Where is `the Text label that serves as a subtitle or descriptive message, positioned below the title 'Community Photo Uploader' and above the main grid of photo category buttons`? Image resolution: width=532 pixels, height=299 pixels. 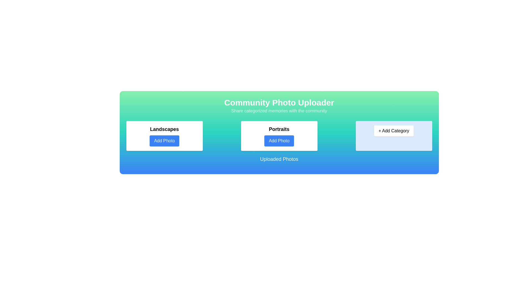 the Text label that serves as a subtitle or descriptive message, positioned below the title 'Community Photo Uploader' and above the main grid of photo category buttons is located at coordinates (279, 111).